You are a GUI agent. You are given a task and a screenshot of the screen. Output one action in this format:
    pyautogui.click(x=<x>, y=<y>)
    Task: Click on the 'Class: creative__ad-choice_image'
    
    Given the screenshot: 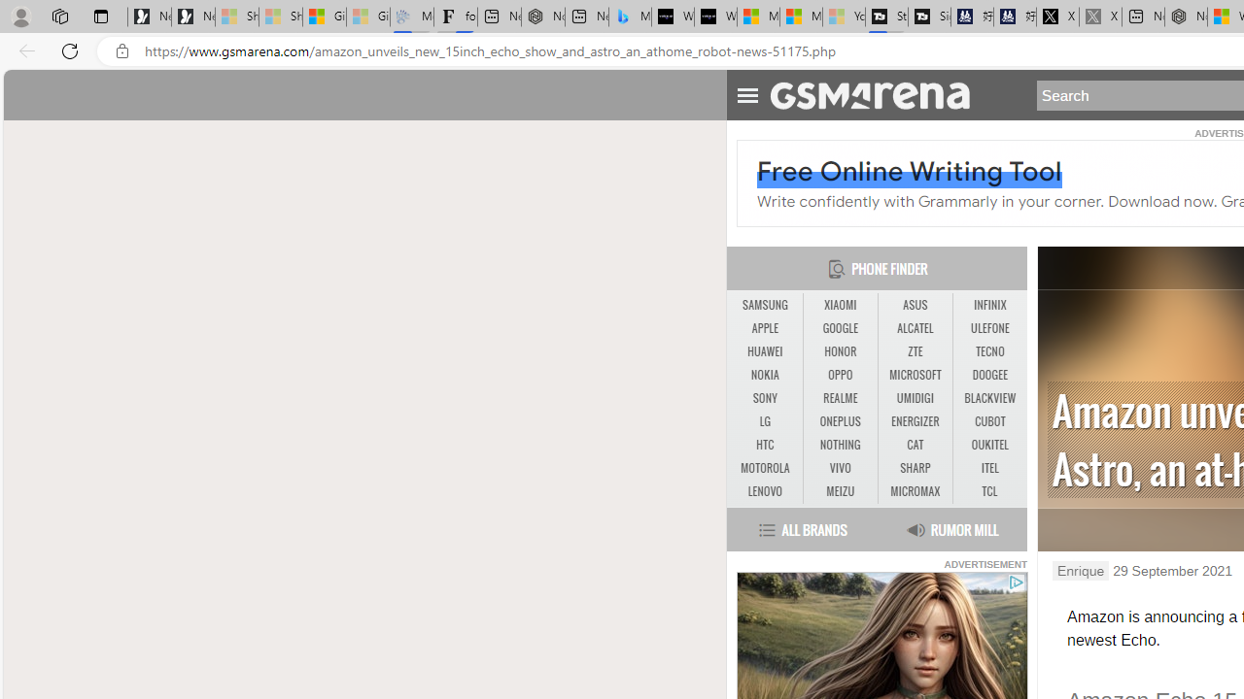 What is the action you would take?
    pyautogui.click(x=1015, y=582)
    